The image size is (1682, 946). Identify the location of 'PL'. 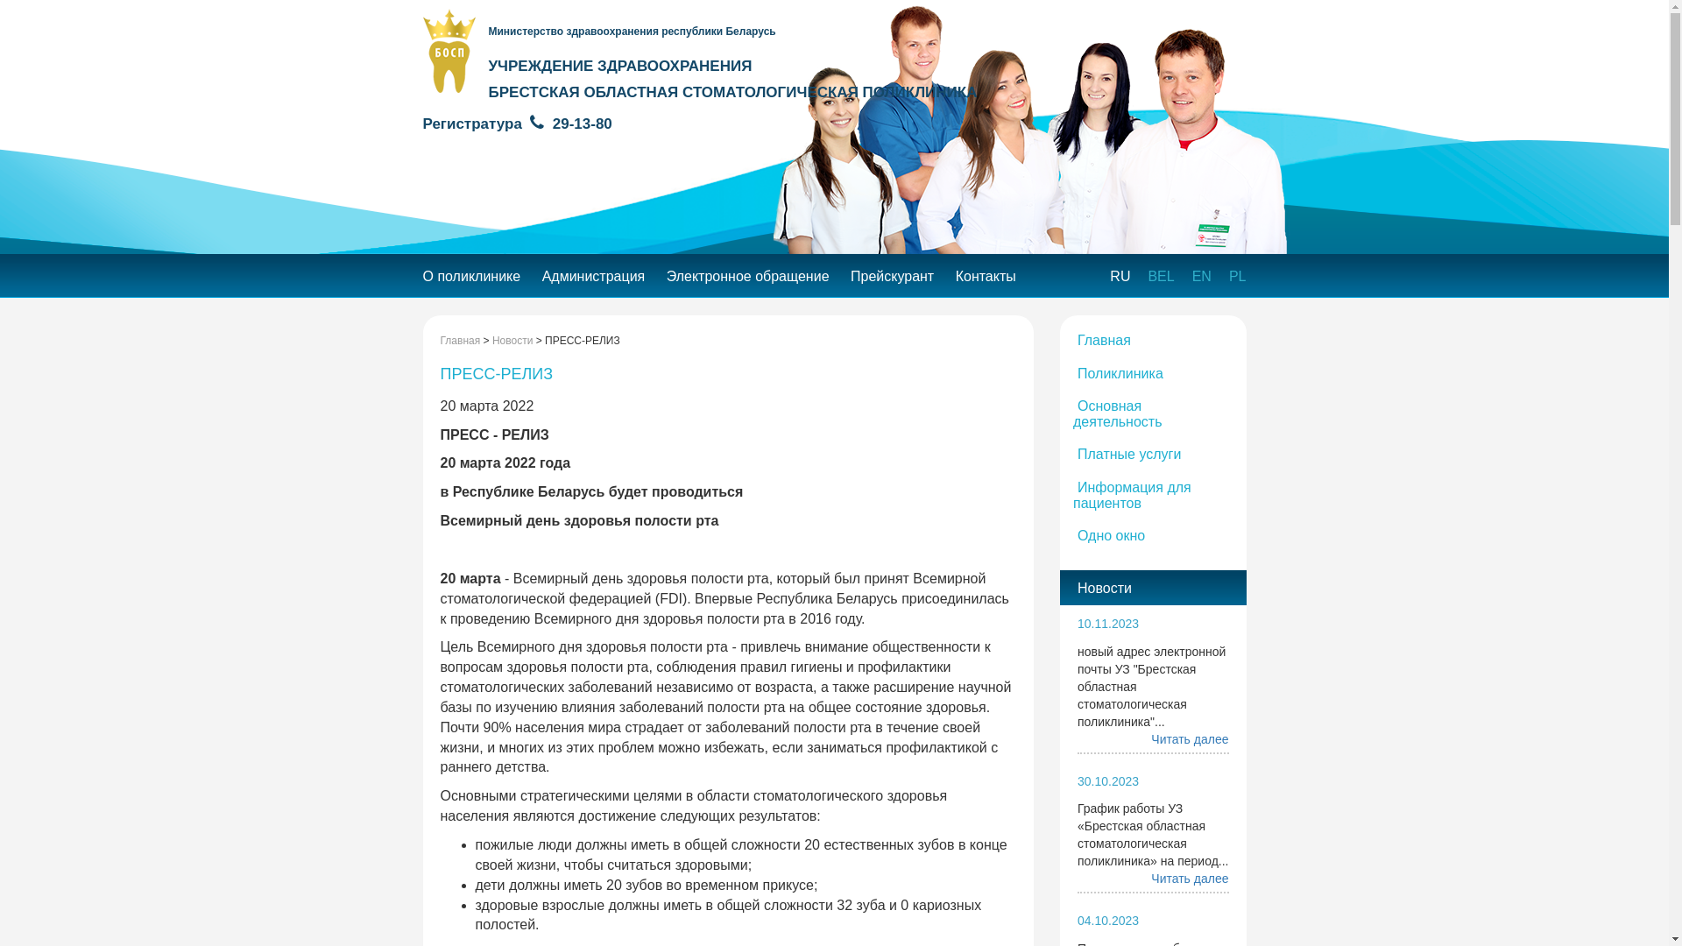
(1236, 276).